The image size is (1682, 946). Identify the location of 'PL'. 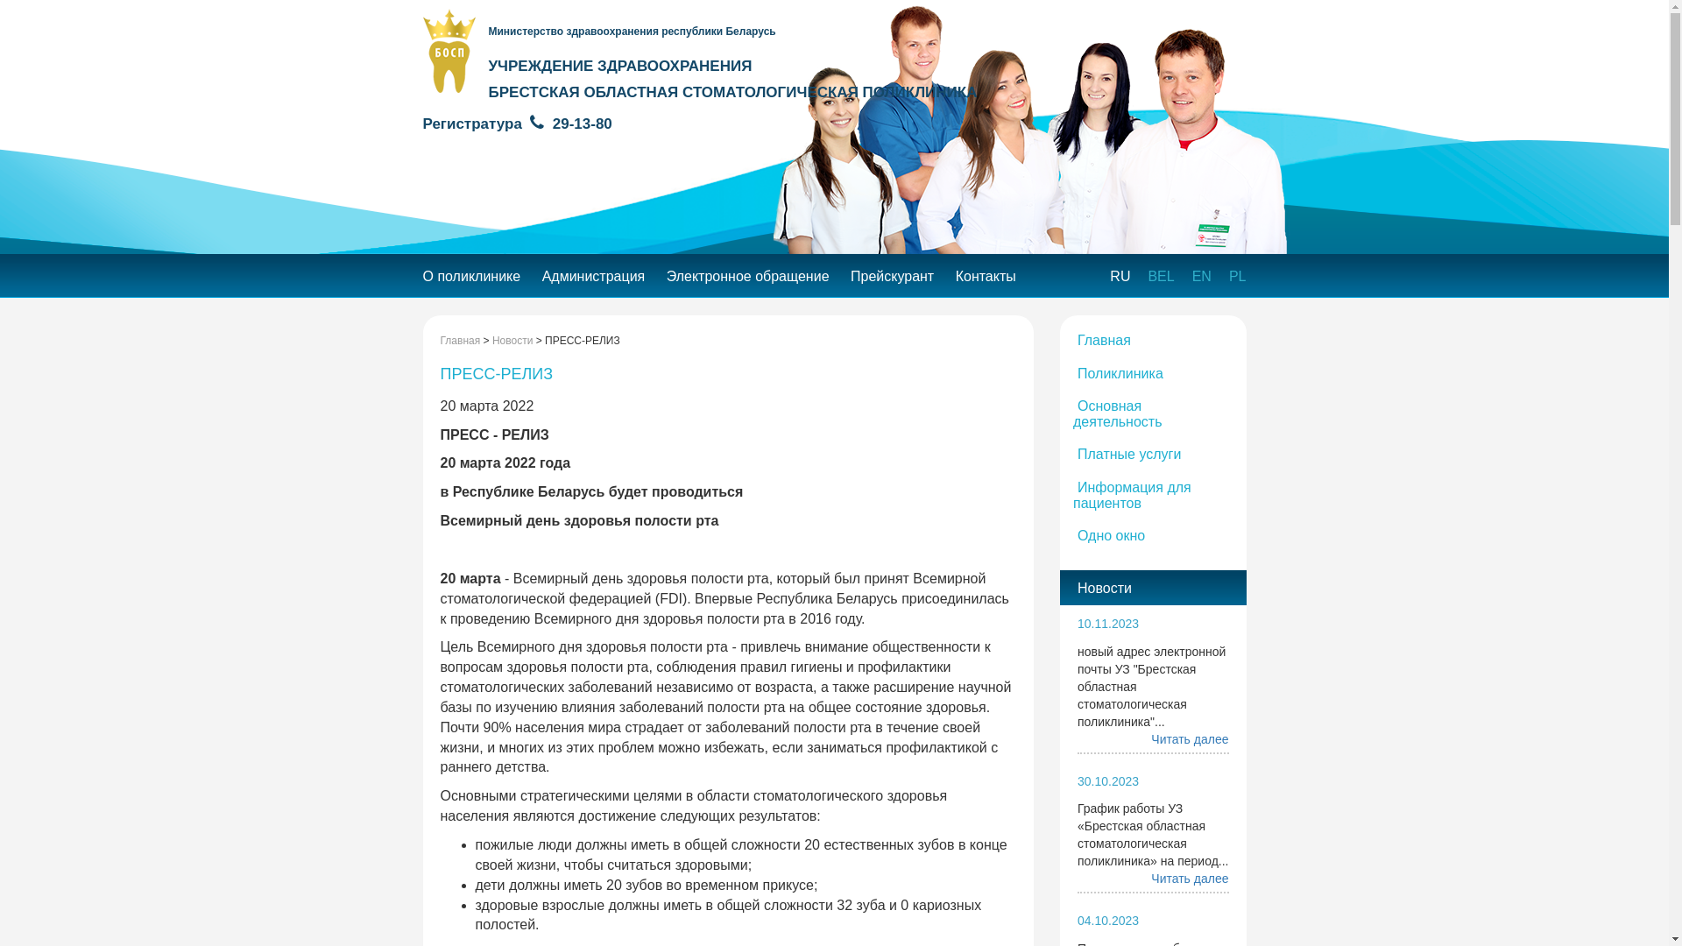
(1236, 276).